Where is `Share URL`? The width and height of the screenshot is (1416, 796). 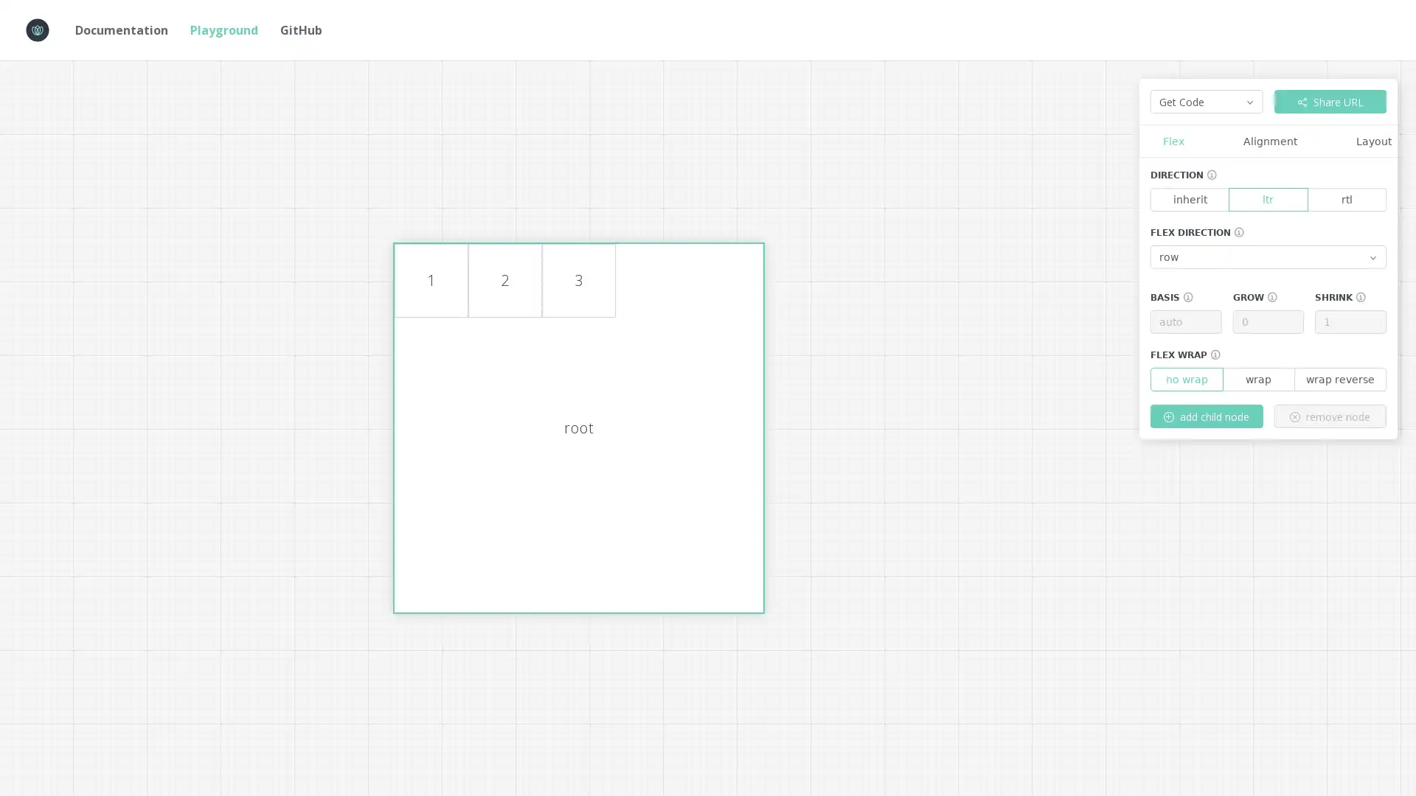 Share URL is located at coordinates (1330, 101).